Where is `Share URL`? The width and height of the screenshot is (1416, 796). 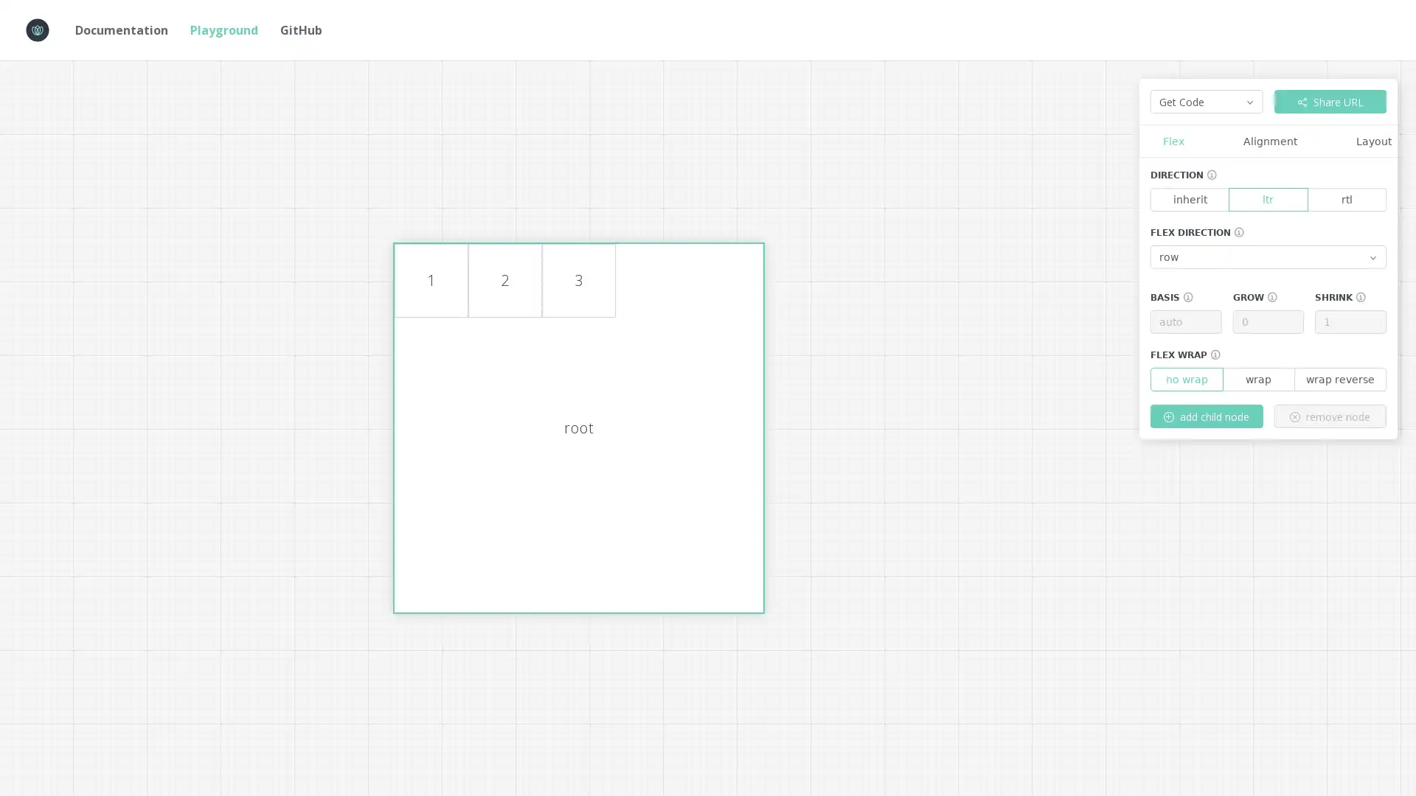 Share URL is located at coordinates (1330, 101).